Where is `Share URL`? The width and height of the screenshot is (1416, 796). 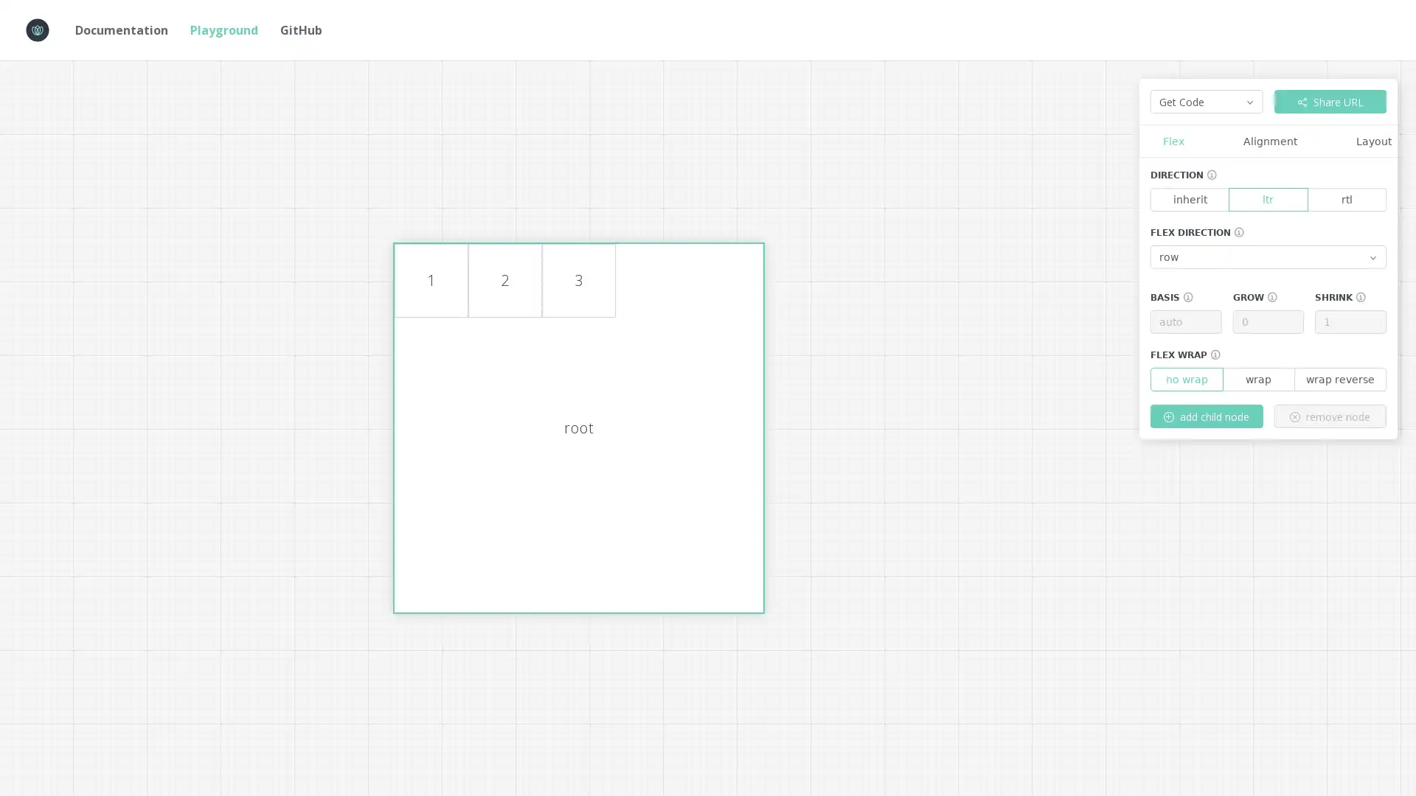 Share URL is located at coordinates (1330, 101).